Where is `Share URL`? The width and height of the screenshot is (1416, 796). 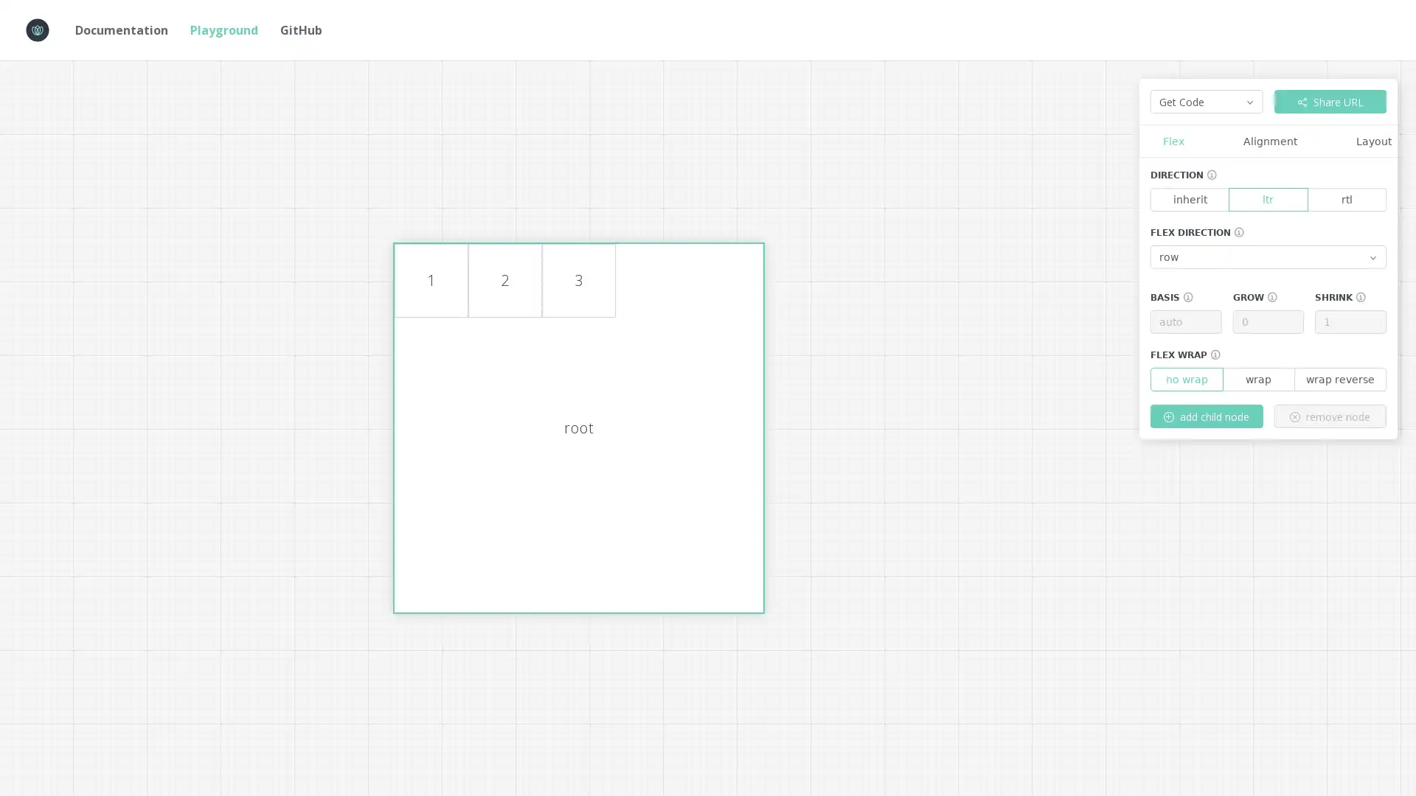 Share URL is located at coordinates (1330, 101).